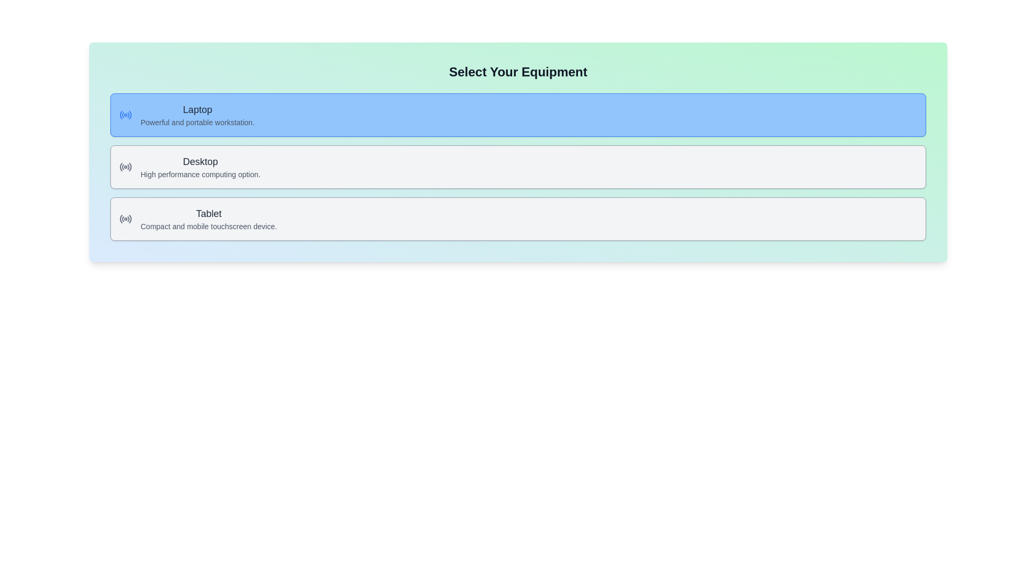  What do you see at coordinates (125, 167) in the screenshot?
I see `the blue circular icon resembling a radio signal, which is located to the left of the text 'High performance computing option' in the 'Desktop' section` at bounding box center [125, 167].